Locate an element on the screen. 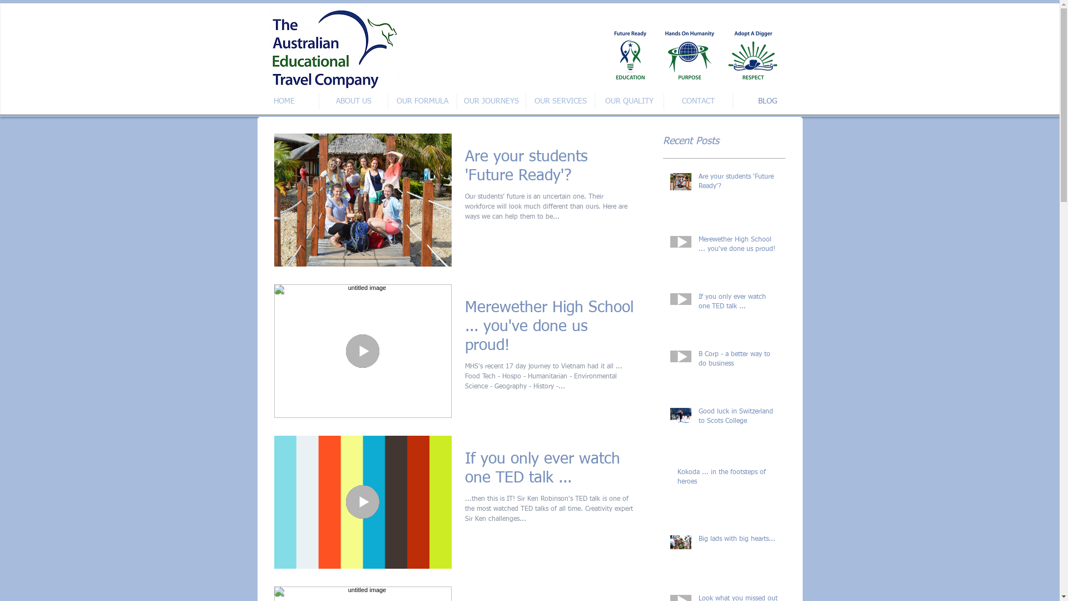 The height and width of the screenshot is (601, 1068). 'All logos together 2nd version (transparent background).png' is located at coordinates (690, 53).